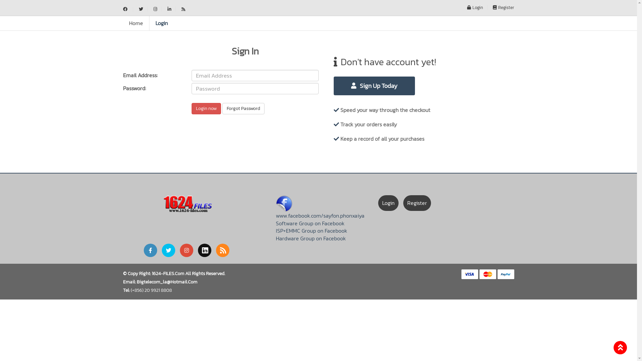 This screenshot has height=361, width=642. What do you see at coordinates (311, 230) in the screenshot?
I see `'ISP+EMMC Group on Facebook'` at bounding box center [311, 230].